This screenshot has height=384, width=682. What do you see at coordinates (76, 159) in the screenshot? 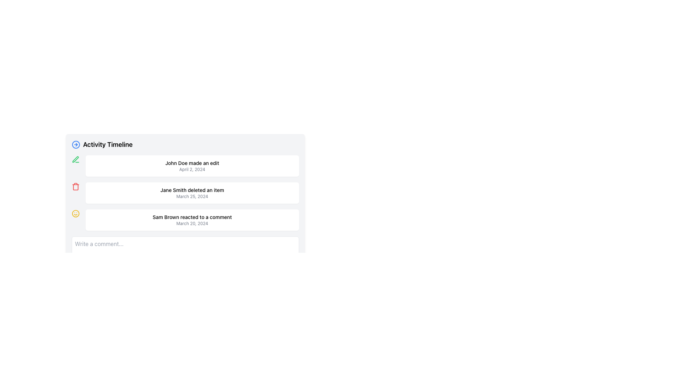
I see `the editing action icon located at the start of the 'John Doe made an edit' entry in the activity timeline list for detailed action` at bounding box center [76, 159].